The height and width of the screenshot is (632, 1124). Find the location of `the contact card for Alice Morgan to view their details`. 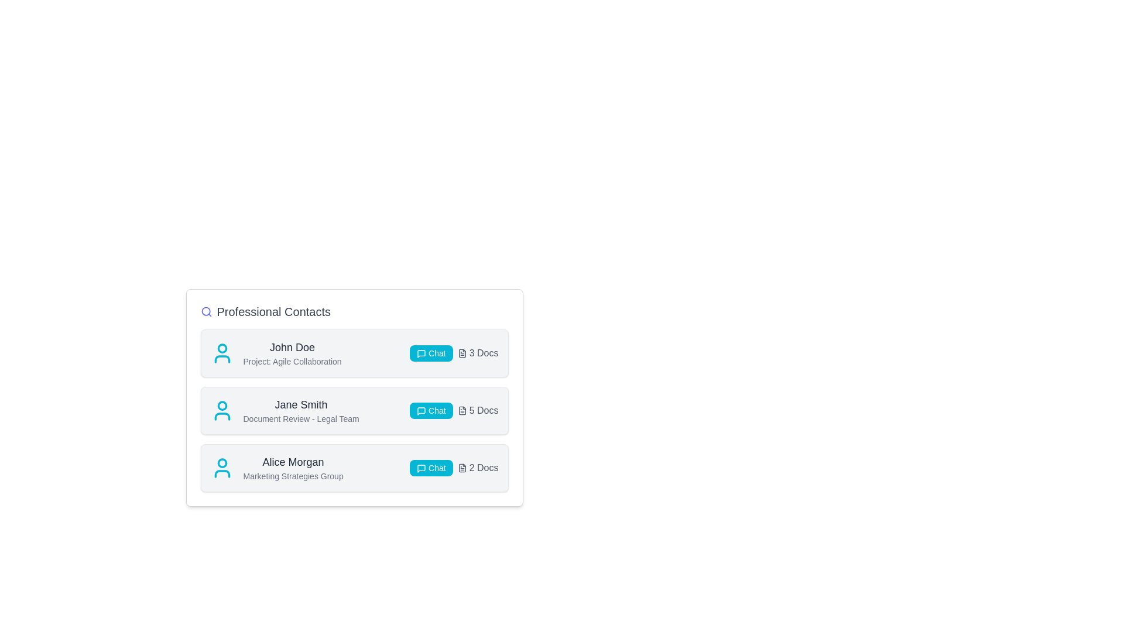

the contact card for Alice Morgan to view their details is located at coordinates (354, 467).